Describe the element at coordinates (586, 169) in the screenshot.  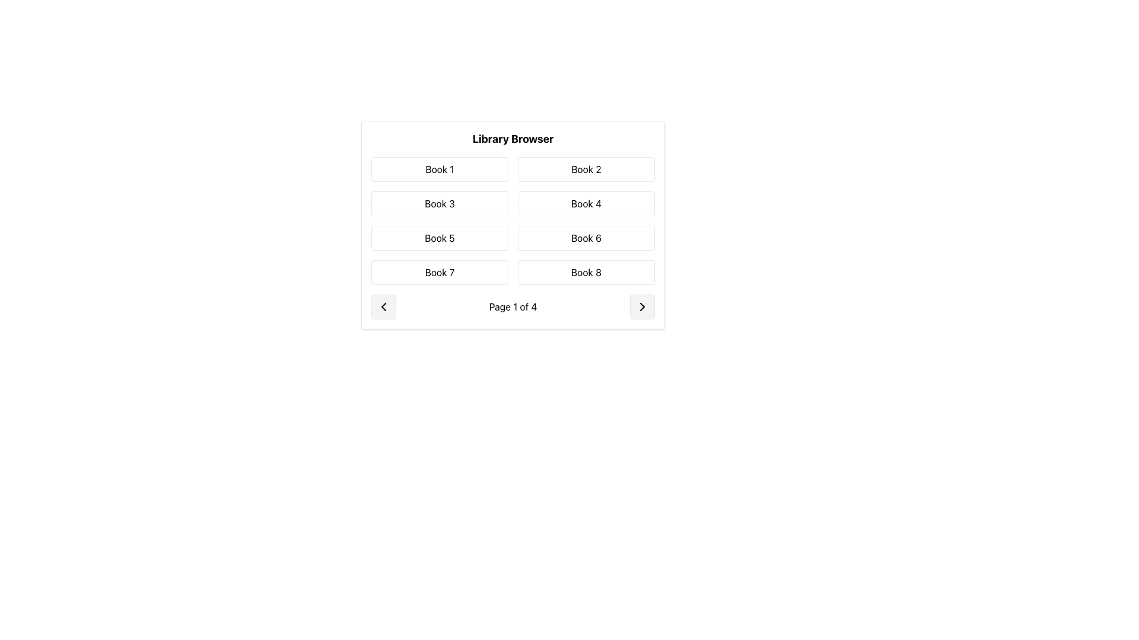
I see `the button representing 'Book 2' in the Library Browser to trigger a style change` at that location.